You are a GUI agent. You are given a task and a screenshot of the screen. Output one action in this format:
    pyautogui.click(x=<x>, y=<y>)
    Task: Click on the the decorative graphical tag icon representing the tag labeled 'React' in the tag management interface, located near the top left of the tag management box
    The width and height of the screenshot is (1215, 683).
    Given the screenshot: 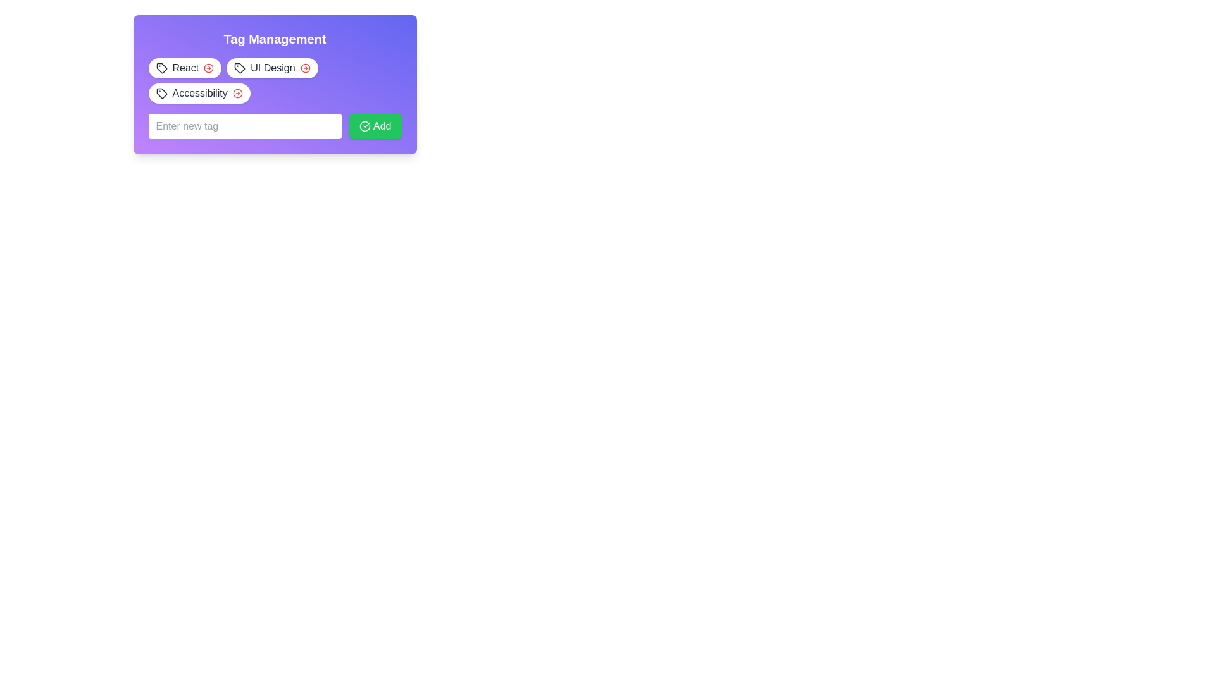 What is the action you would take?
    pyautogui.click(x=161, y=68)
    